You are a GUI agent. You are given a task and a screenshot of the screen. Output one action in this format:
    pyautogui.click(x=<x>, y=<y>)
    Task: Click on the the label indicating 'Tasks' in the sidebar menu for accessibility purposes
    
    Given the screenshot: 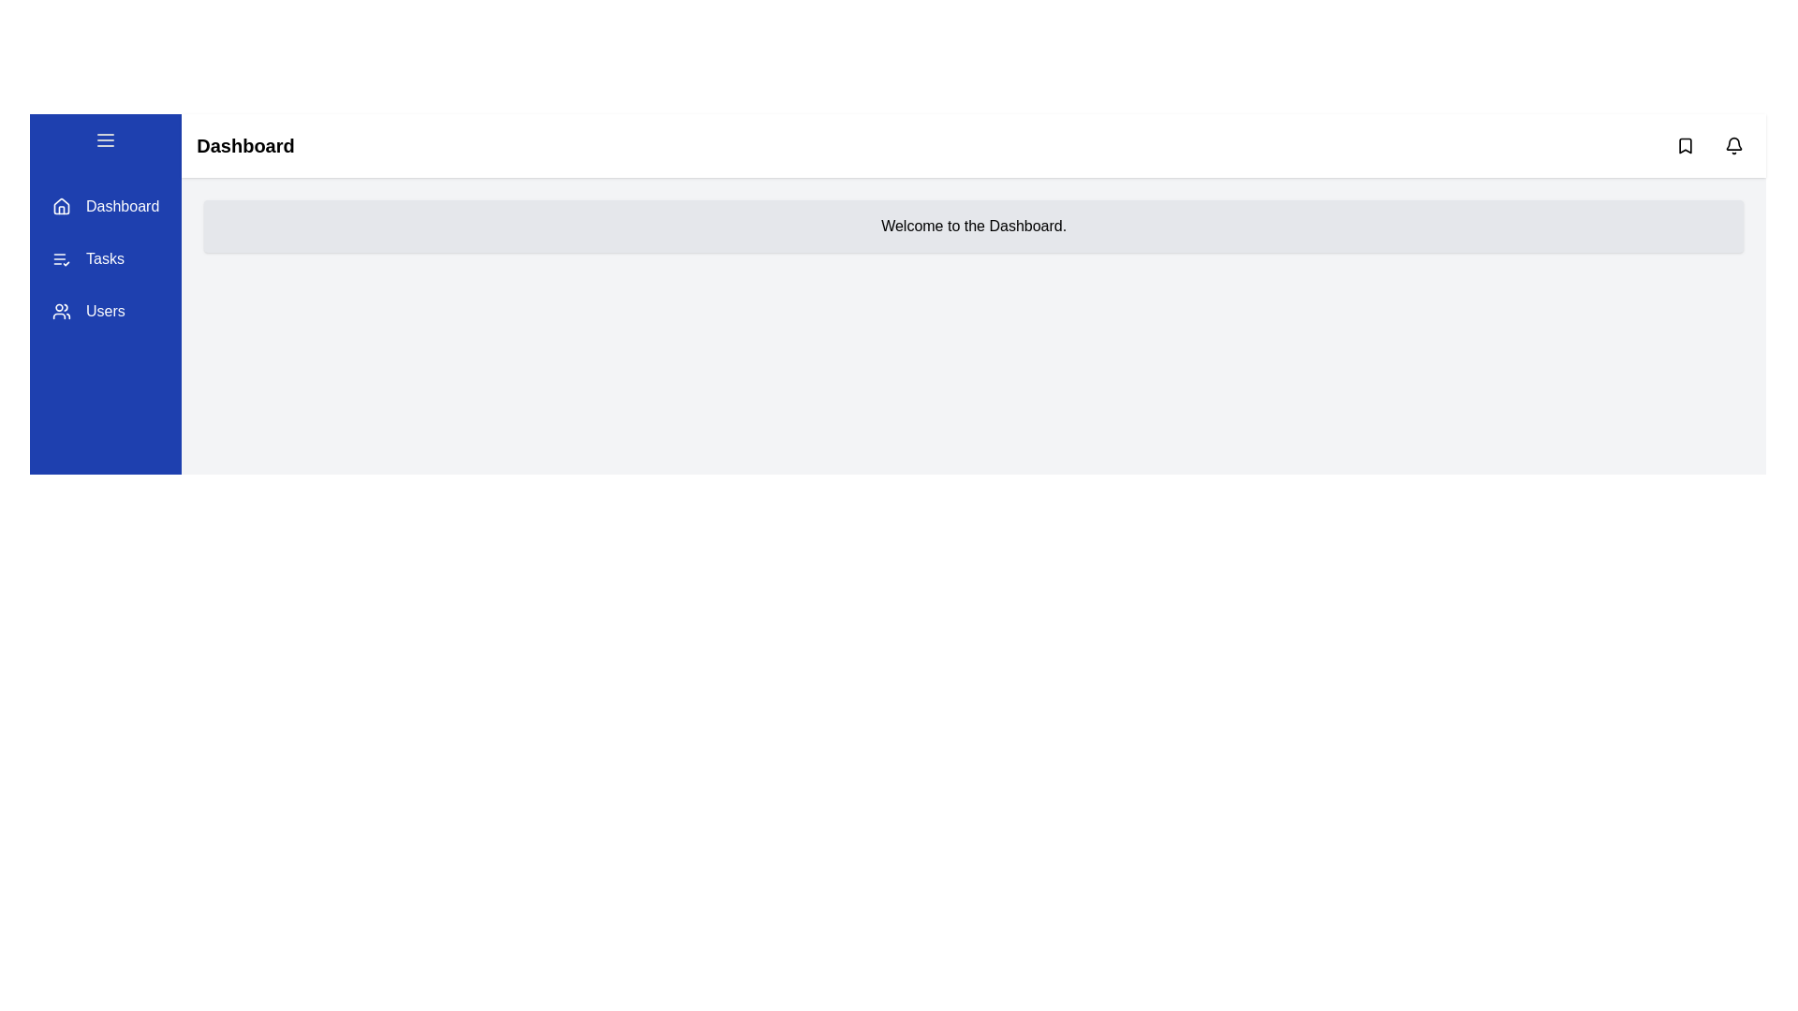 What is the action you would take?
    pyautogui.click(x=104, y=259)
    